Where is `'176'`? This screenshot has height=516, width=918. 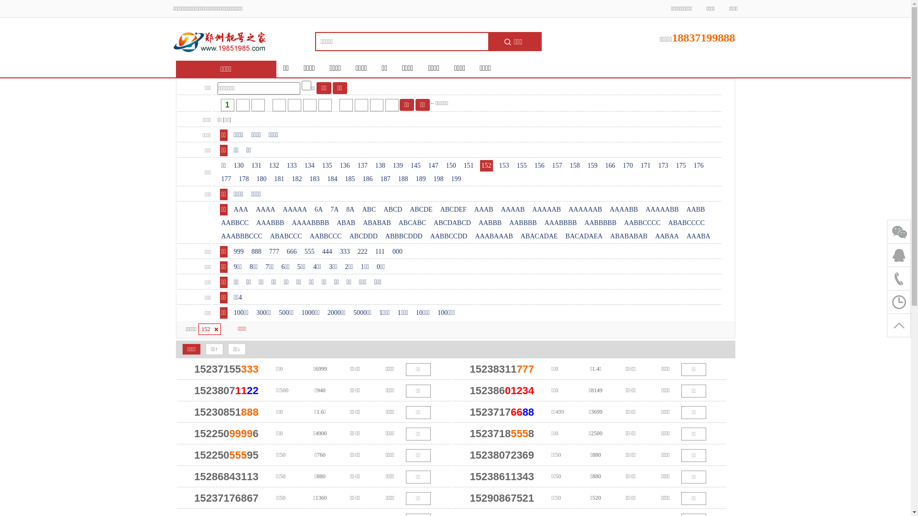
'176' is located at coordinates (692, 165).